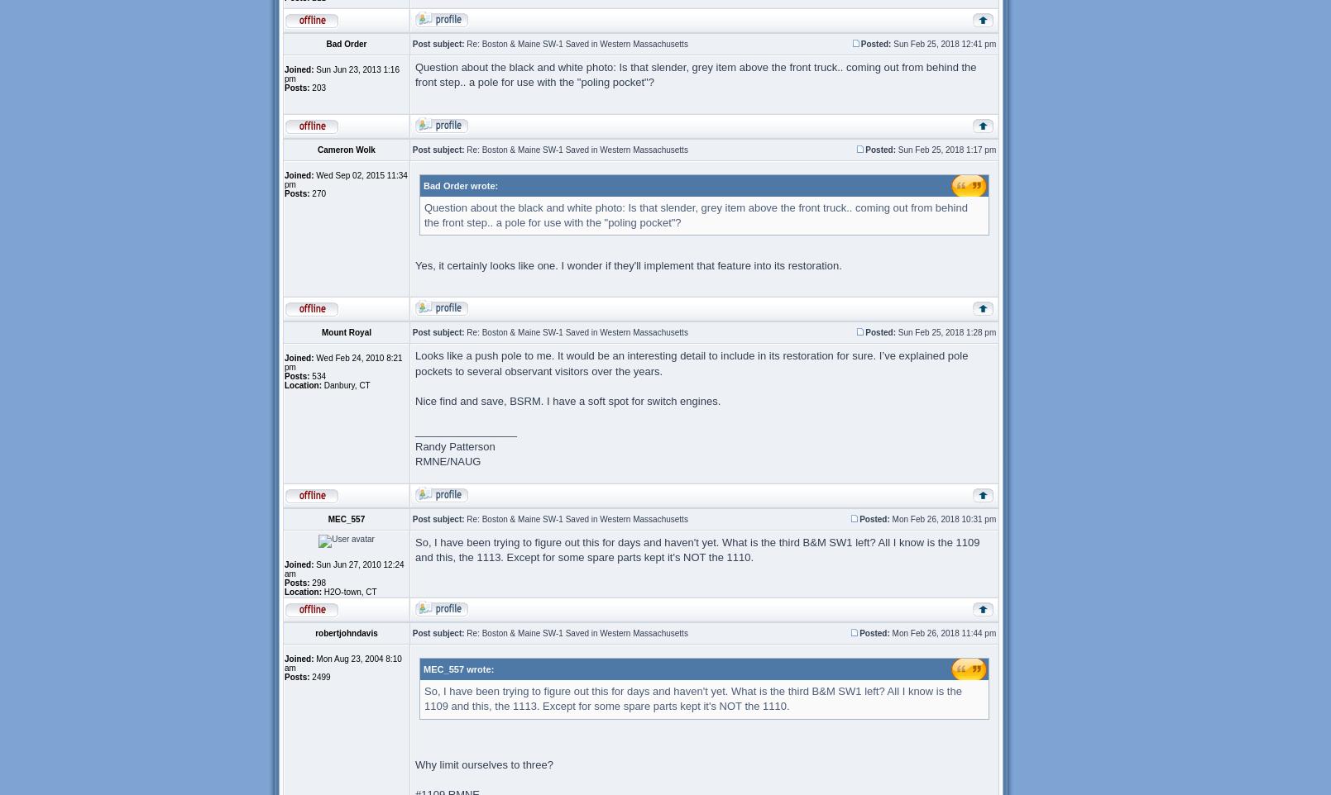 This screenshot has width=1331, height=795. What do you see at coordinates (942, 518) in the screenshot?
I see `'Mon Feb 26, 2018 10:31 pm'` at bounding box center [942, 518].